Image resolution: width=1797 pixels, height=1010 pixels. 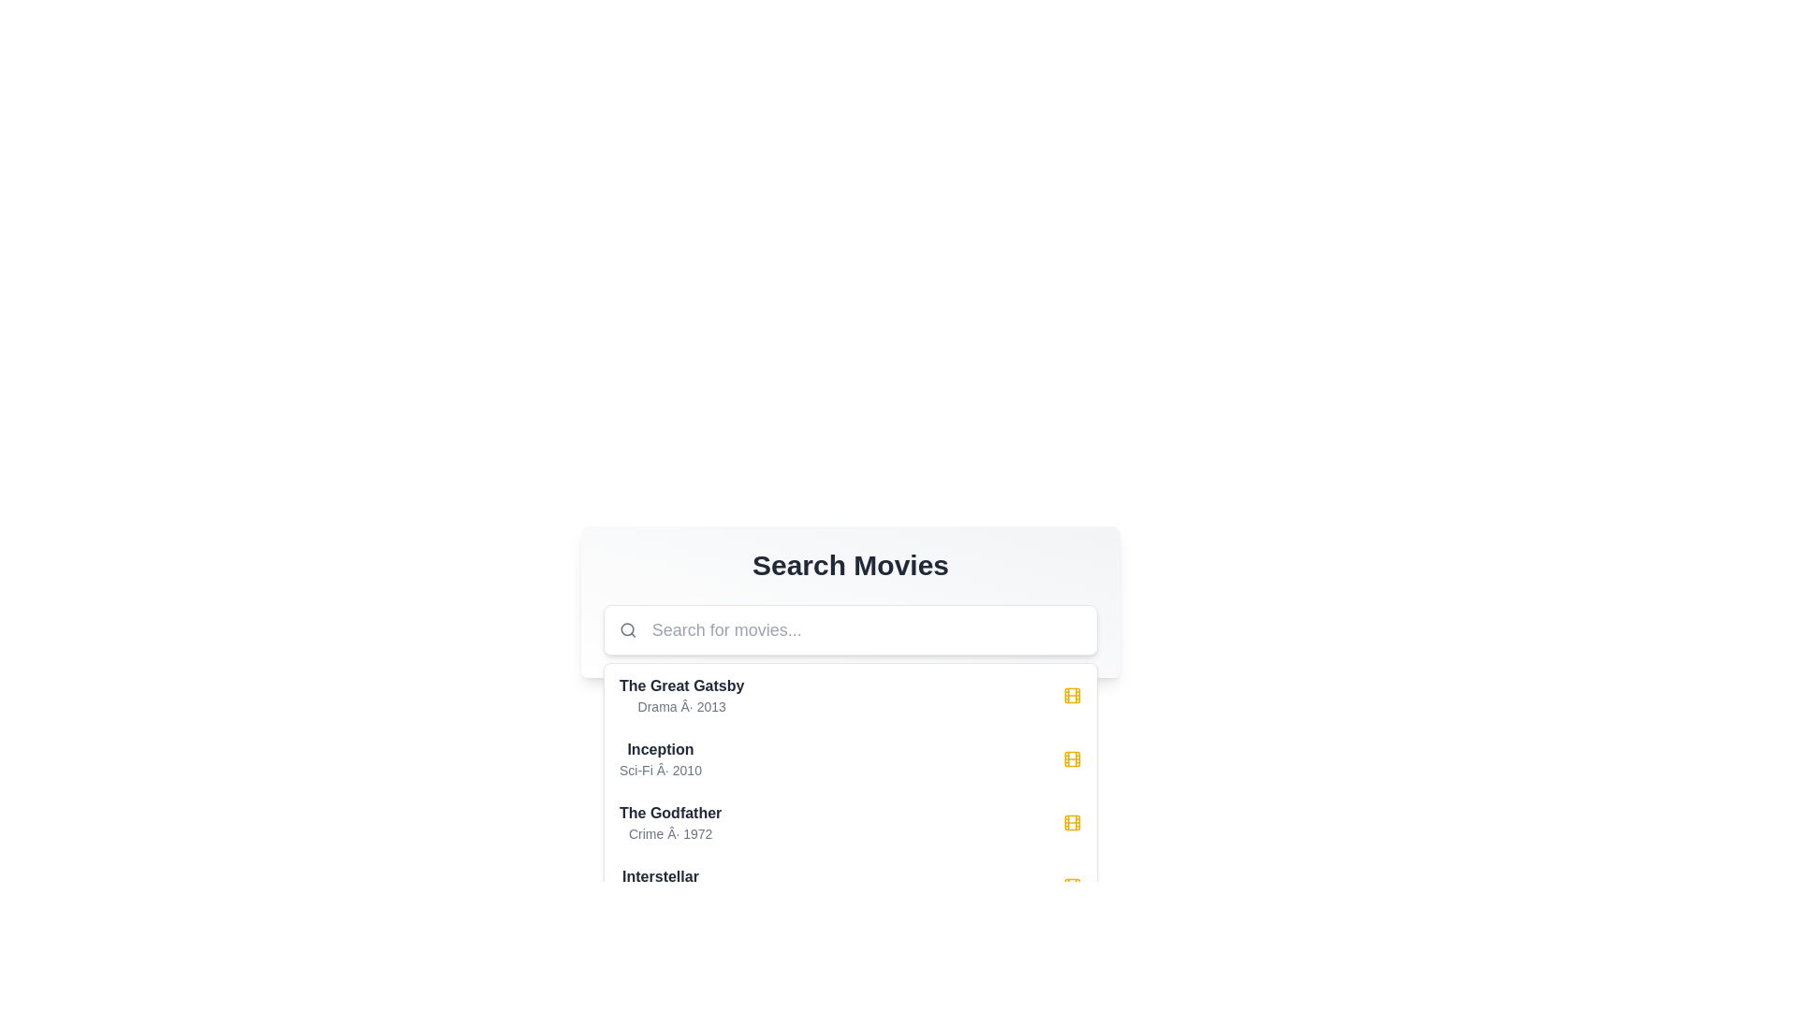 What do you see at coordinates (1073, 821) in the screenshot?
I see `the yellow film reel icon located to the far-right of the row displaying 'The Godfather' and 'Crime · 1972'` at bounding box center [1073, 821].